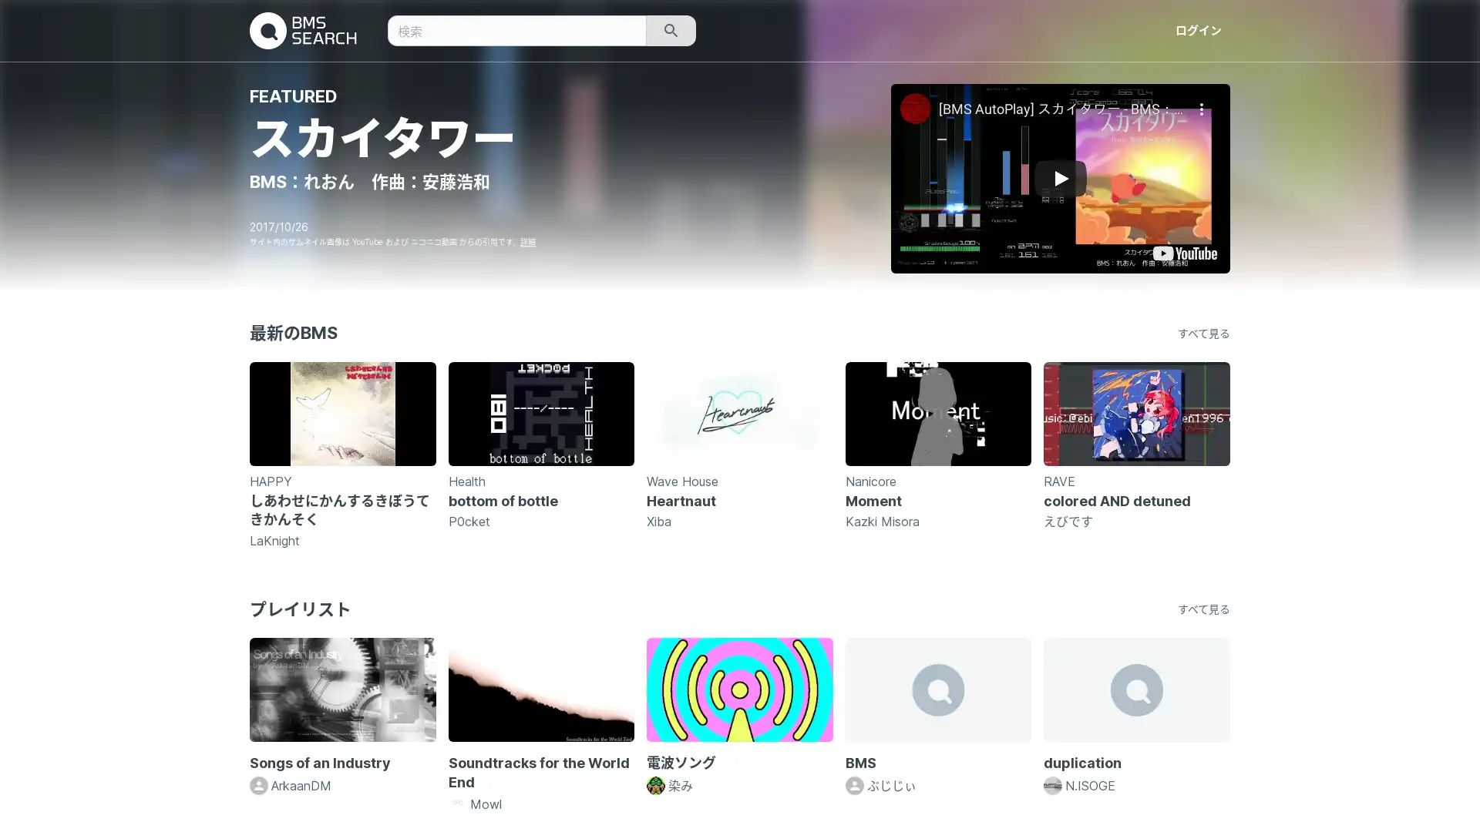 The image size is (1480, 832). I want to click on Health bottom of bottle P0cket, so click(540, 454).